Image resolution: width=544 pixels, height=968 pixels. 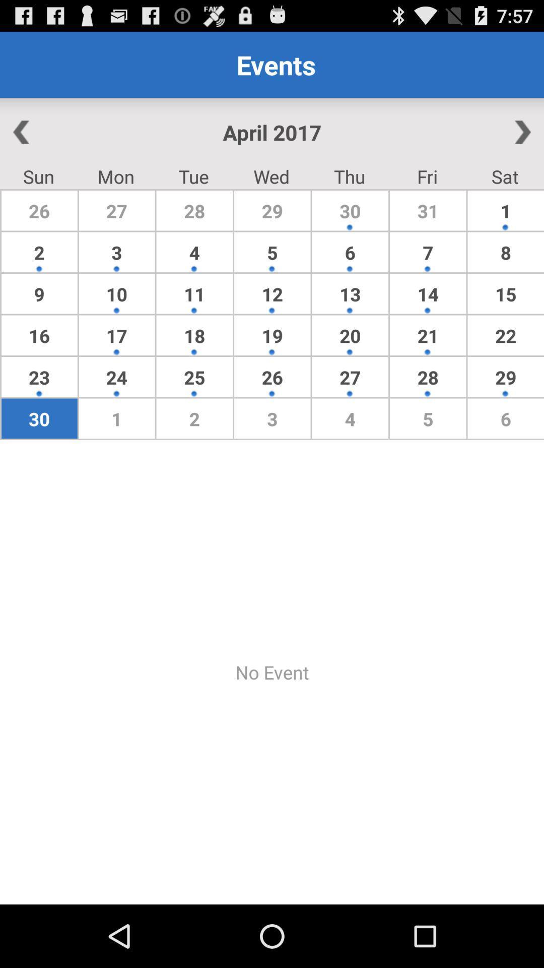 What do you see at coordinates (116, 376) in the screenshot?
I see `the item below 16` at bounding box center [116, 376].